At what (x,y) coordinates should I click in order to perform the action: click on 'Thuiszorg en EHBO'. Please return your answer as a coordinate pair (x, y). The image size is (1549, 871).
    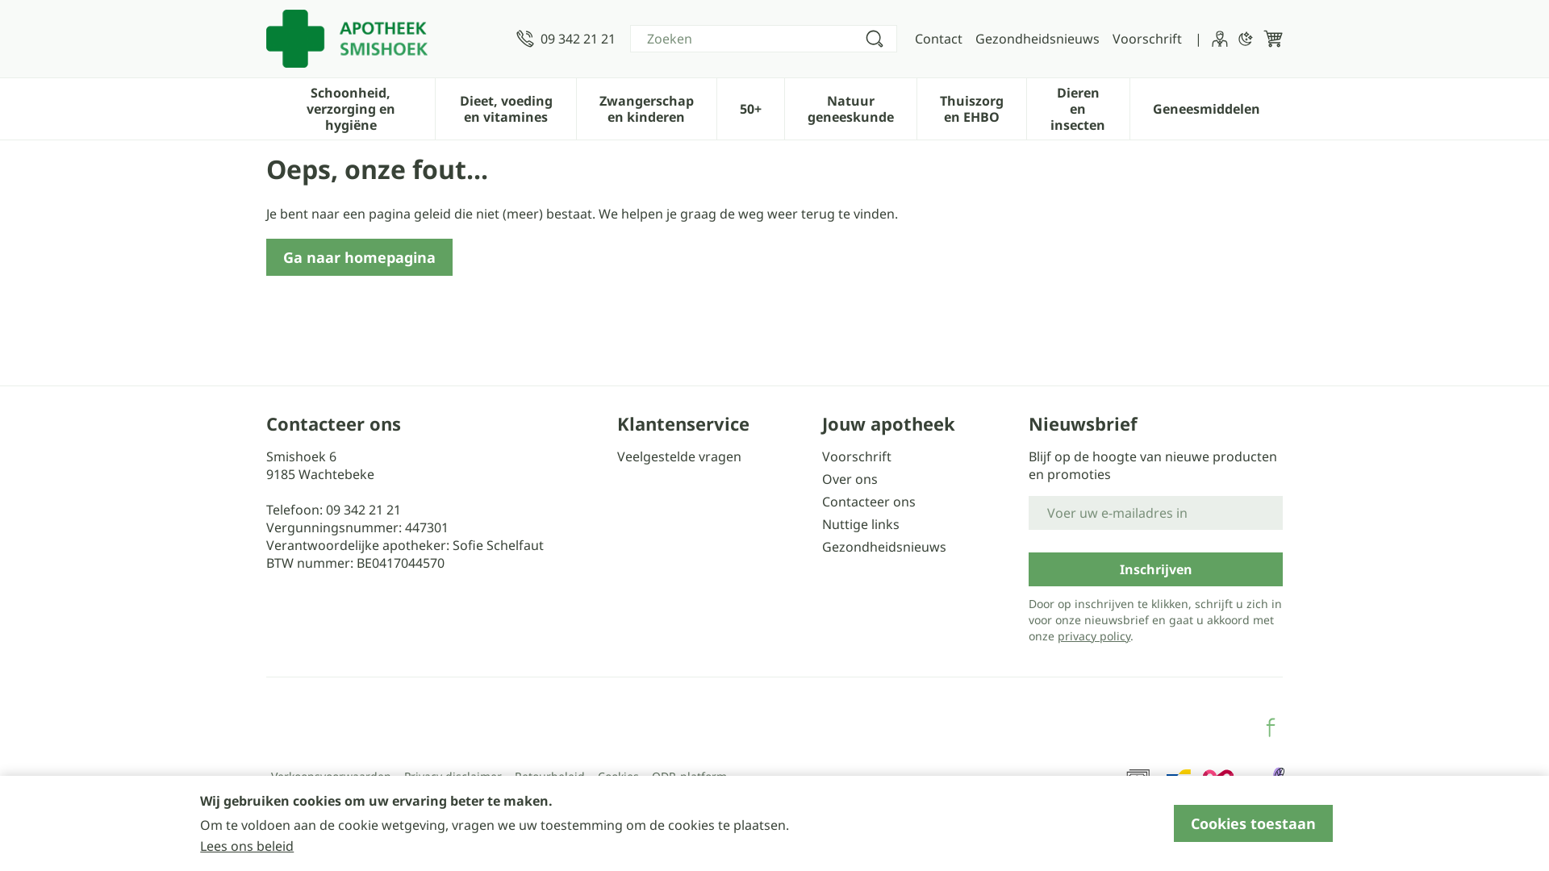
    Looking at the image, I should click on (971, 106).